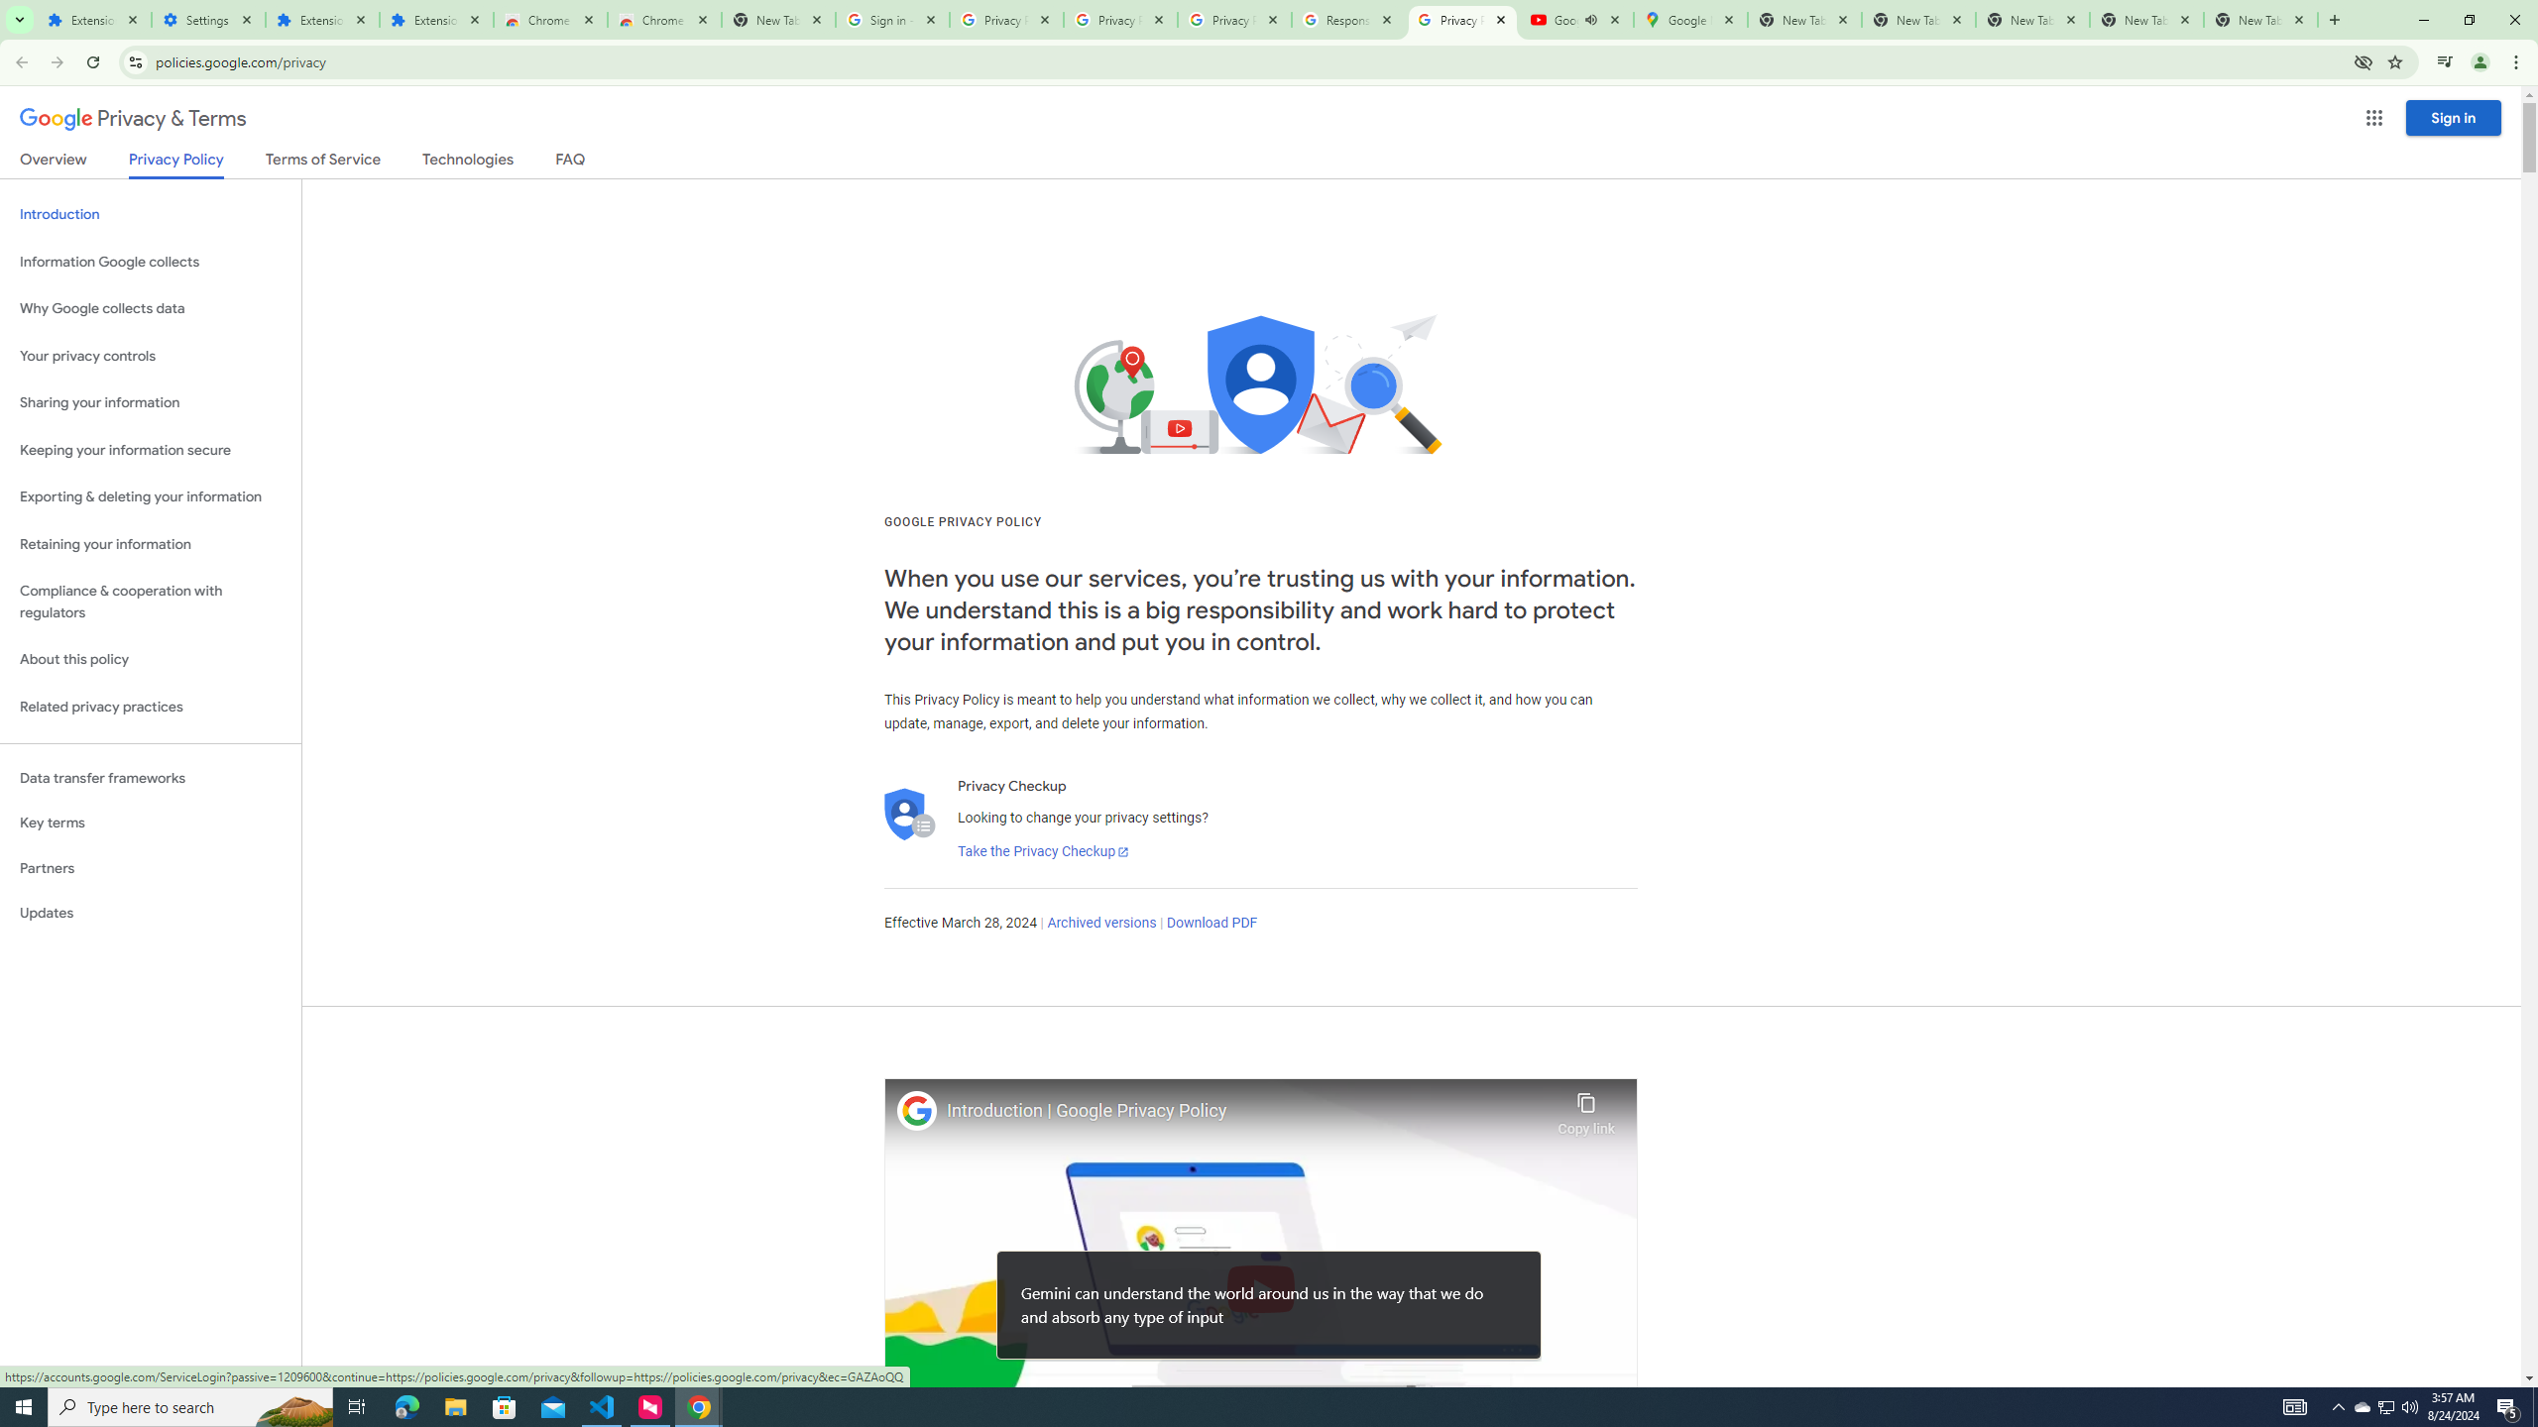 This screenshot has height=1427, width=2538. I want to click on 'Chrome Web Store - Themes', so click(663, 19).